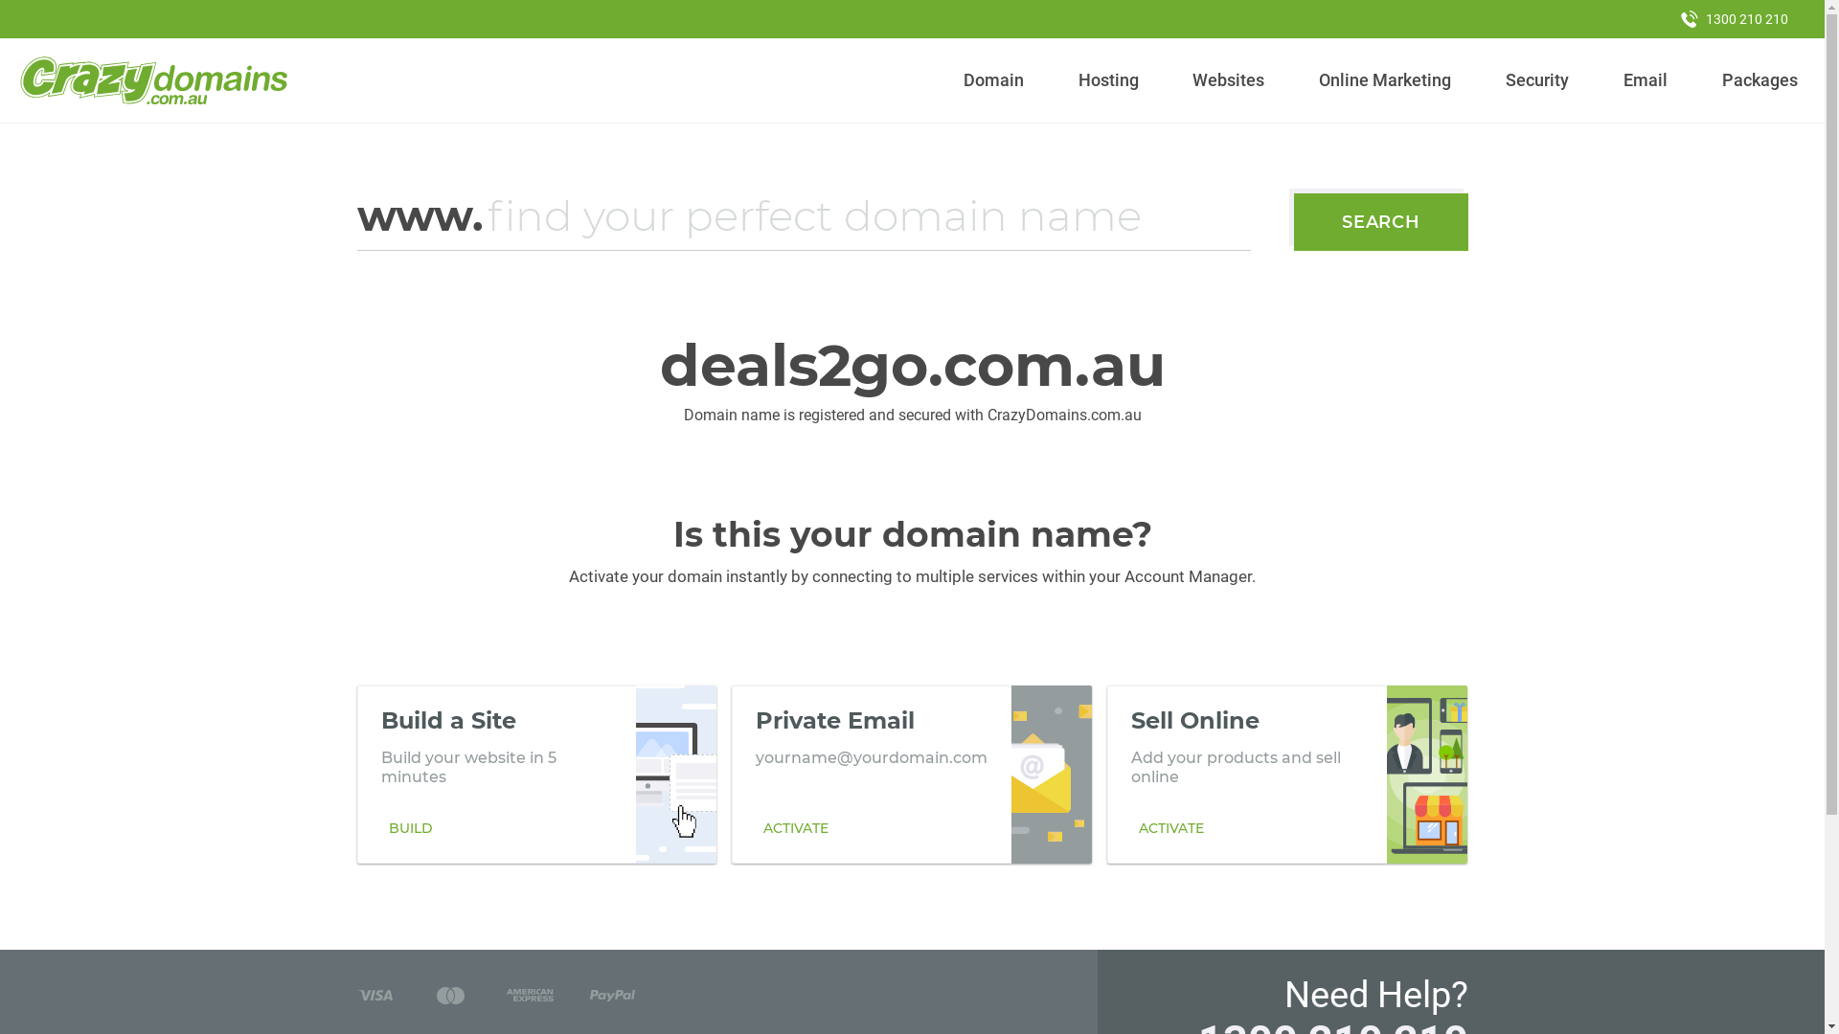 The image size is (1839, 1034). What do you see at coordinates (1385, 79) in the screenshot?
I see `'Online Marketing'` at bounding box center [1385, 79].